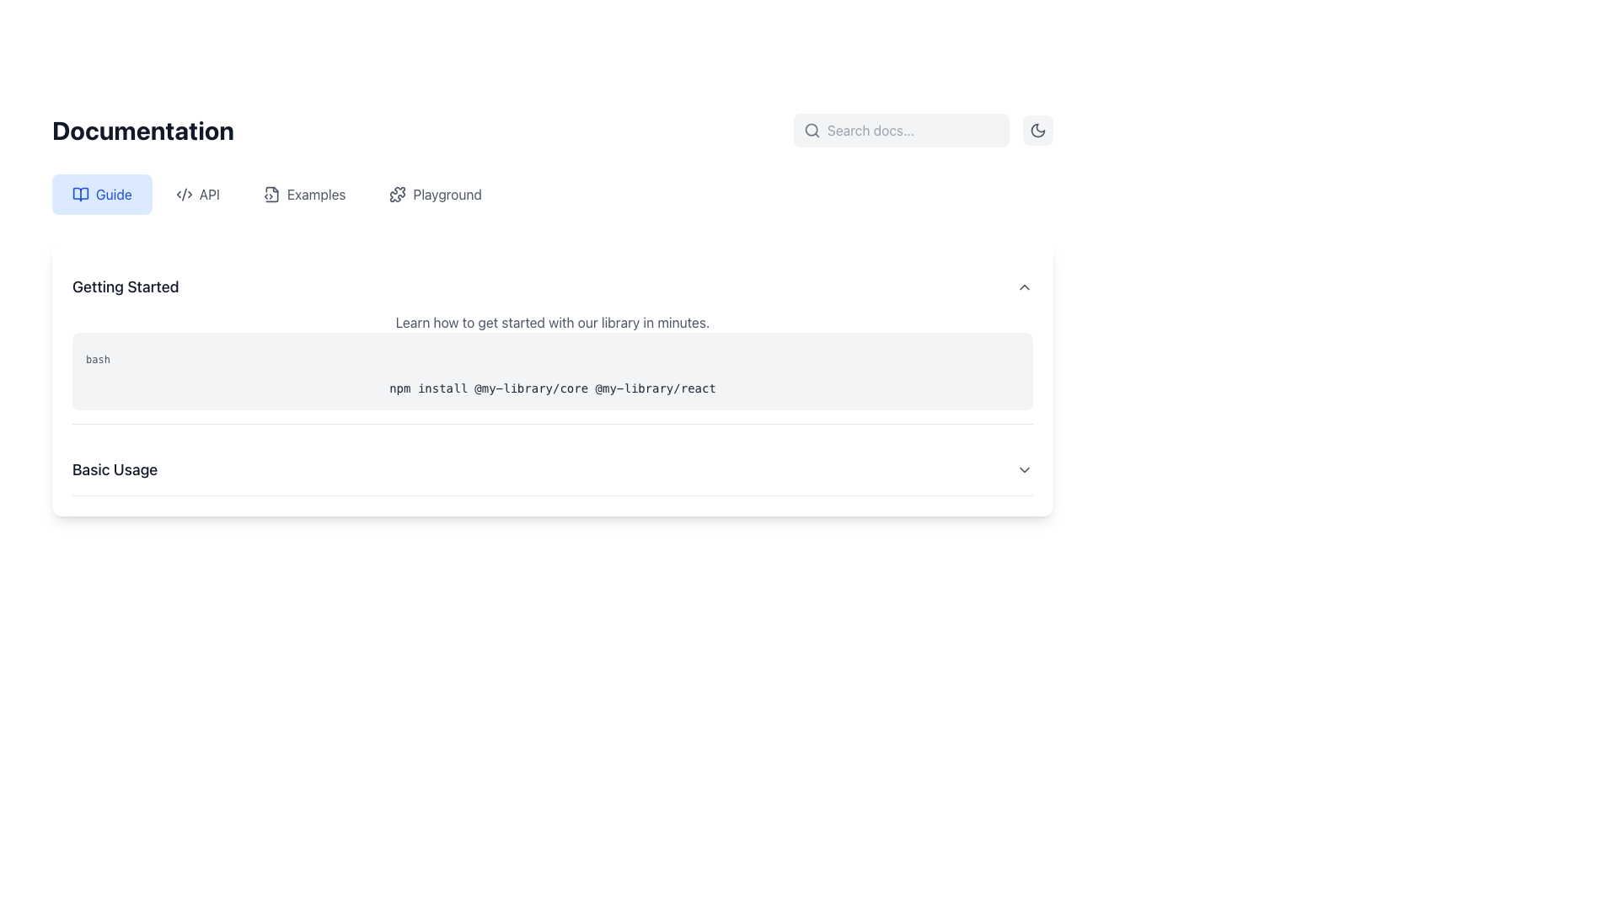 The height and width of the screenshot is (910, 1618). I want to click on the static text element that displays the introductory sentence 'Learn how to get started with our library in minutes.', so click(553, 322).